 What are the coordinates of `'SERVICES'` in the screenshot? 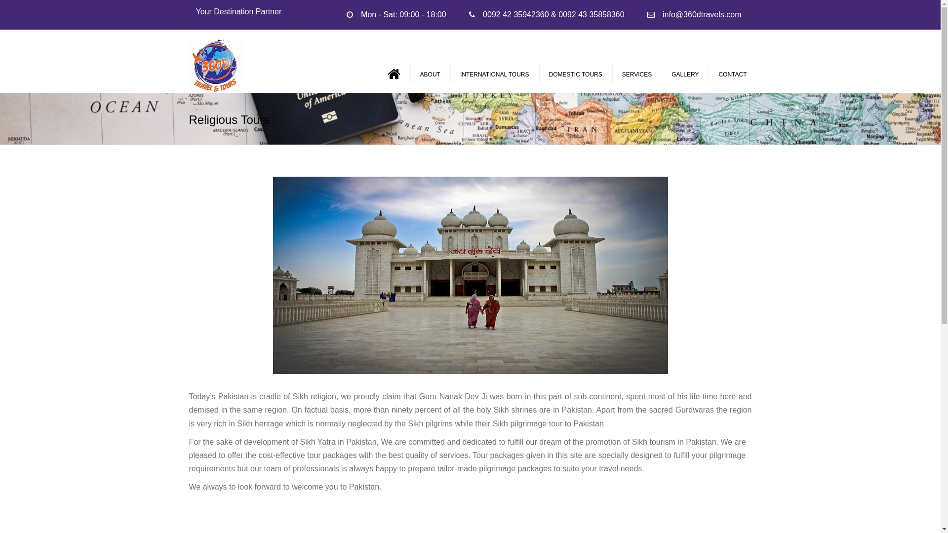 It's located at (616, 74).